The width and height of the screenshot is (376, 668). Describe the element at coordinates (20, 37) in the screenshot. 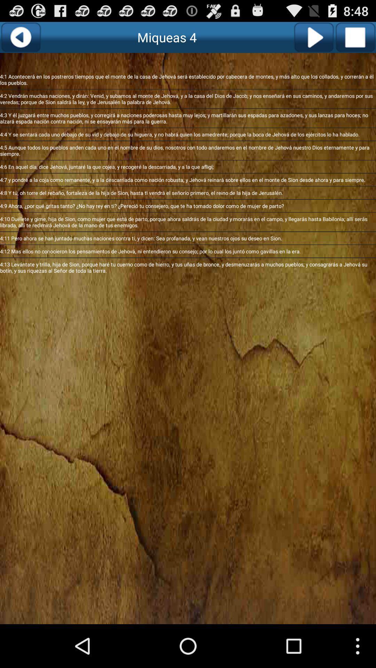

I see `the app next to miqueas 4 item` at that location.